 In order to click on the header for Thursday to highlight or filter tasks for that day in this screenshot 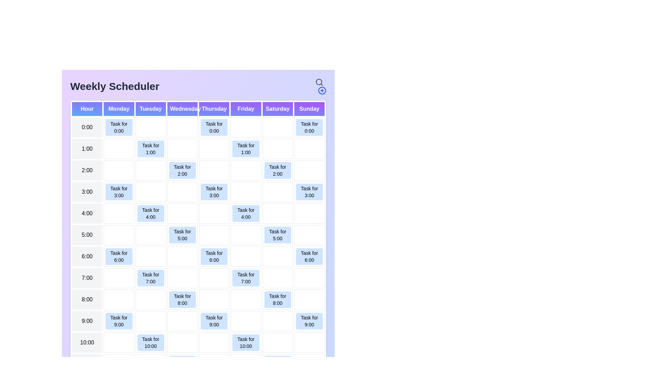, I will do `click(214, 109)`.